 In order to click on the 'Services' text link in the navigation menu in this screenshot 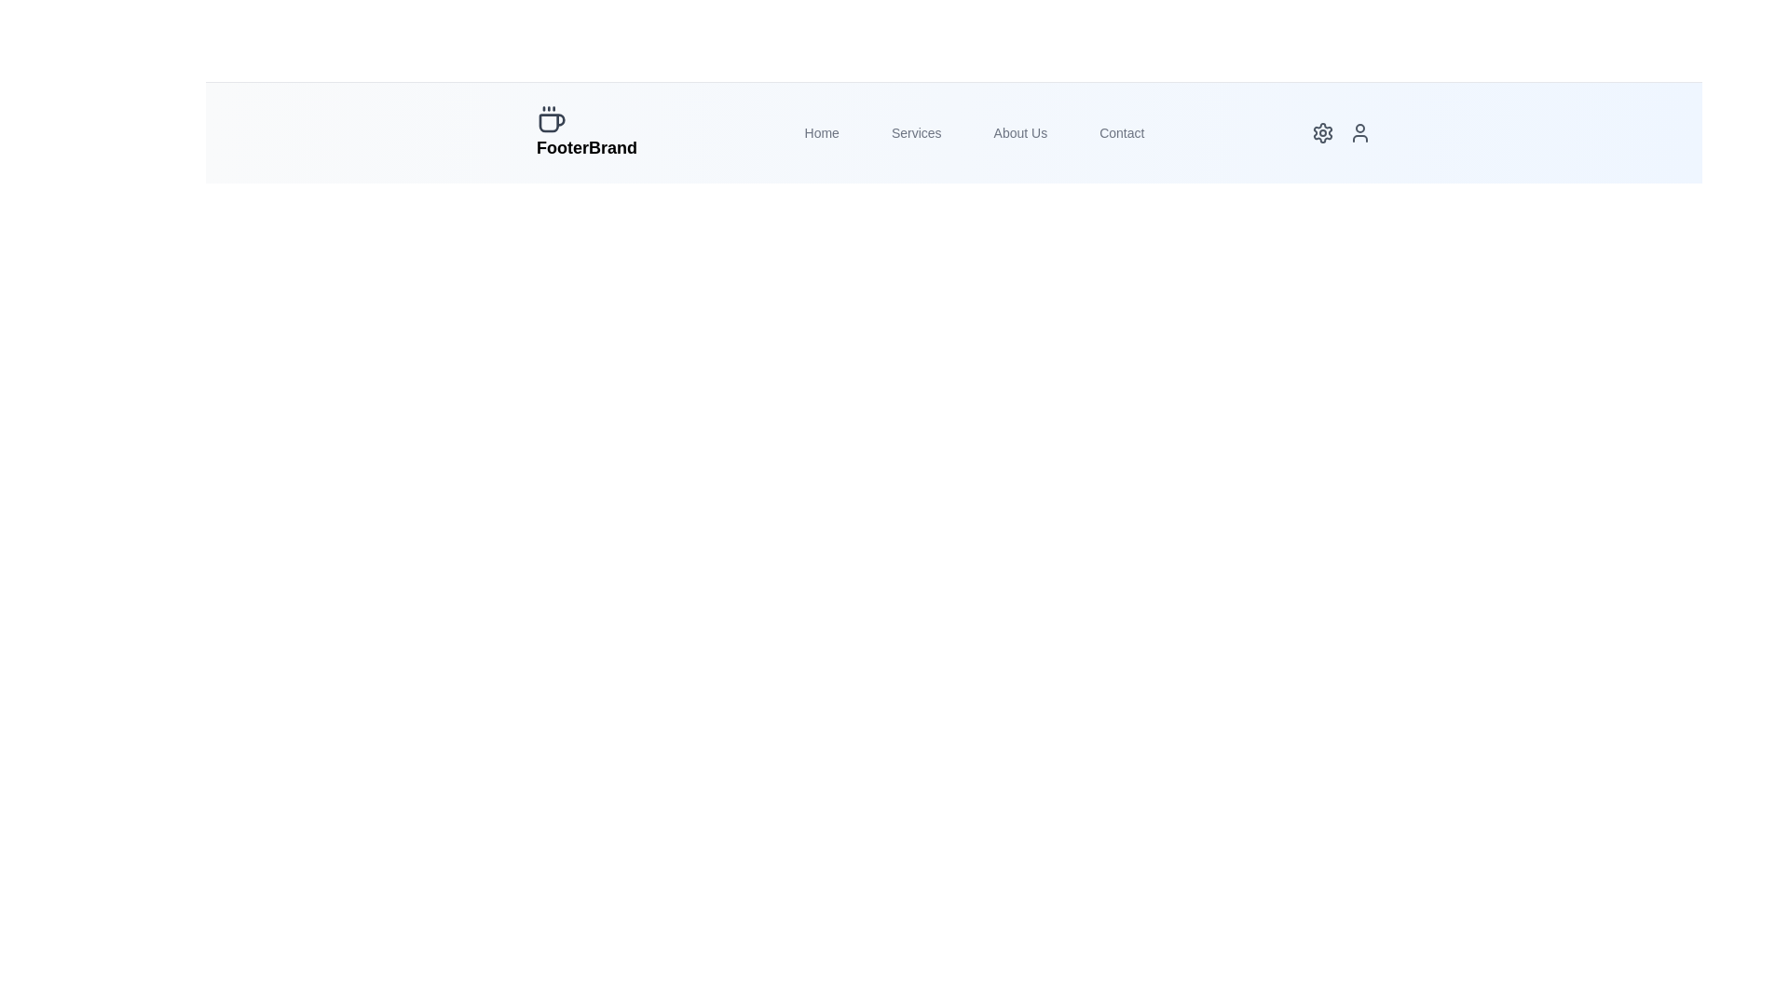, I will do `click(916, 131)`.